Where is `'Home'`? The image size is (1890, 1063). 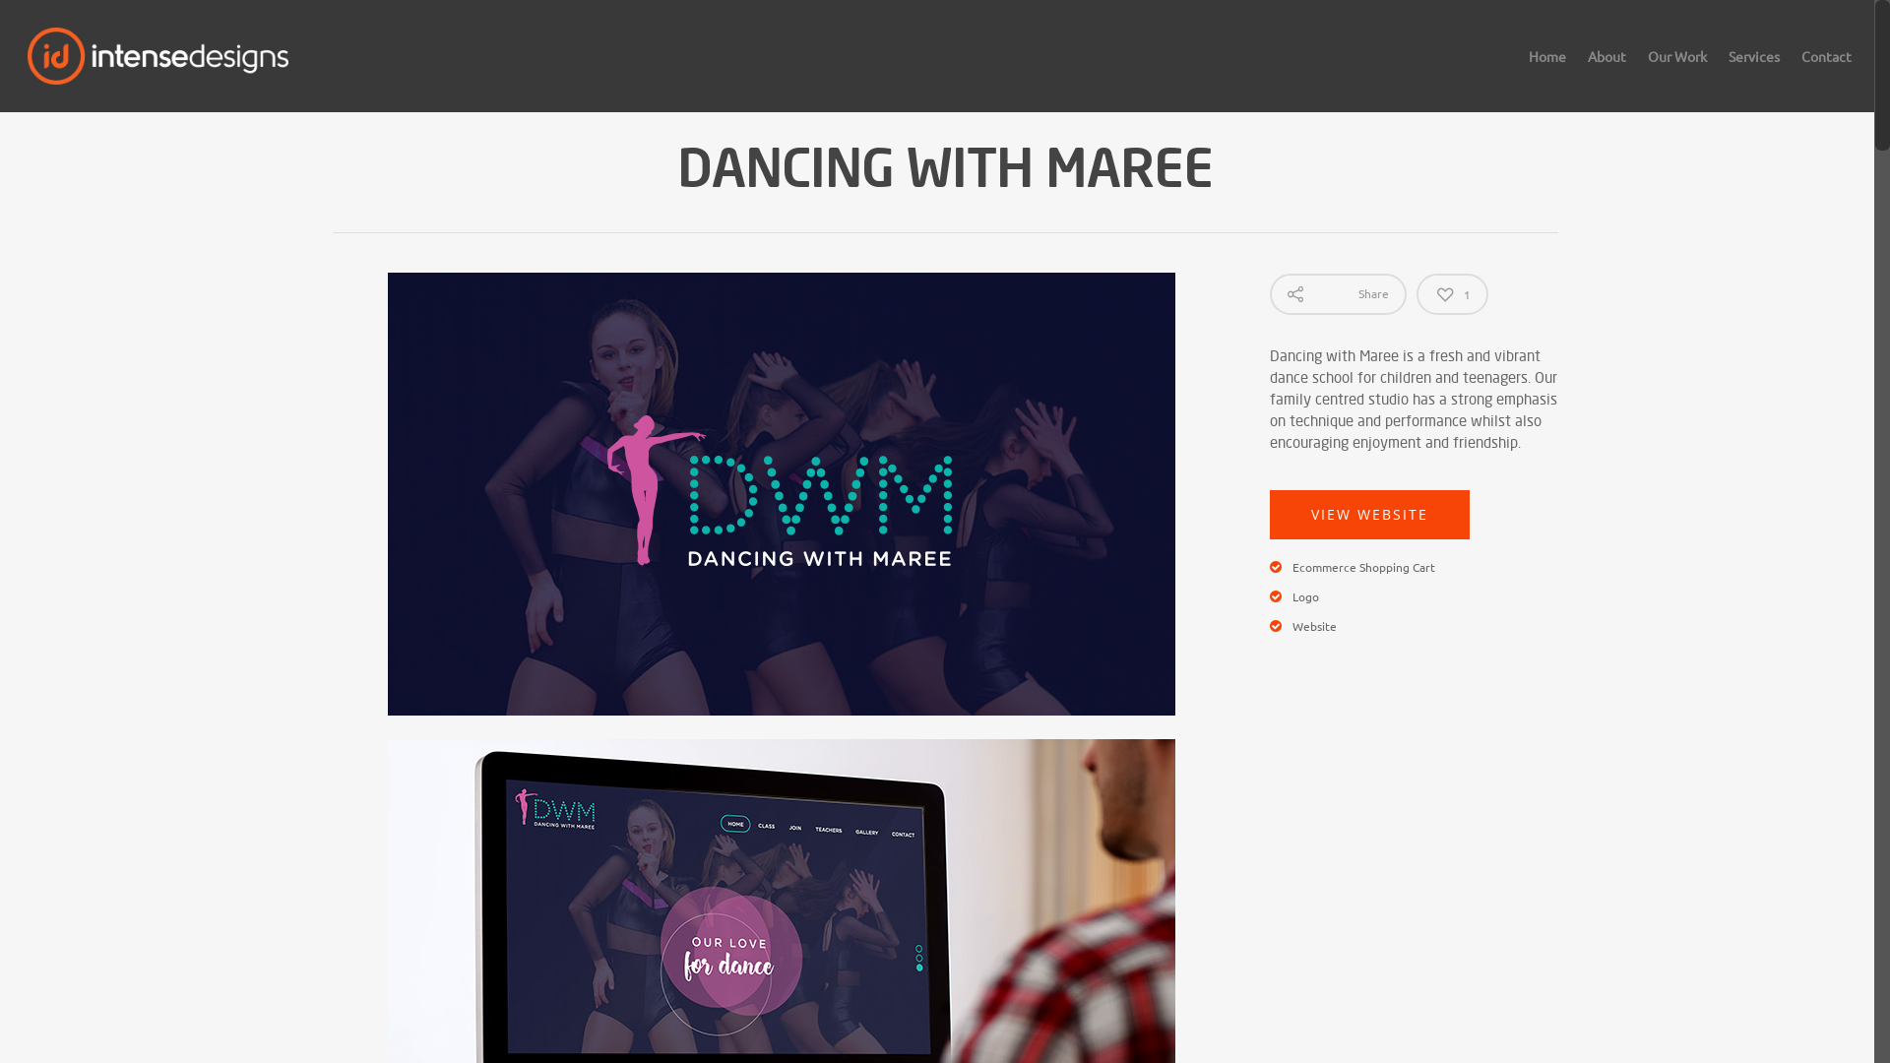 'Home' is located at coordinates (1545, 68).